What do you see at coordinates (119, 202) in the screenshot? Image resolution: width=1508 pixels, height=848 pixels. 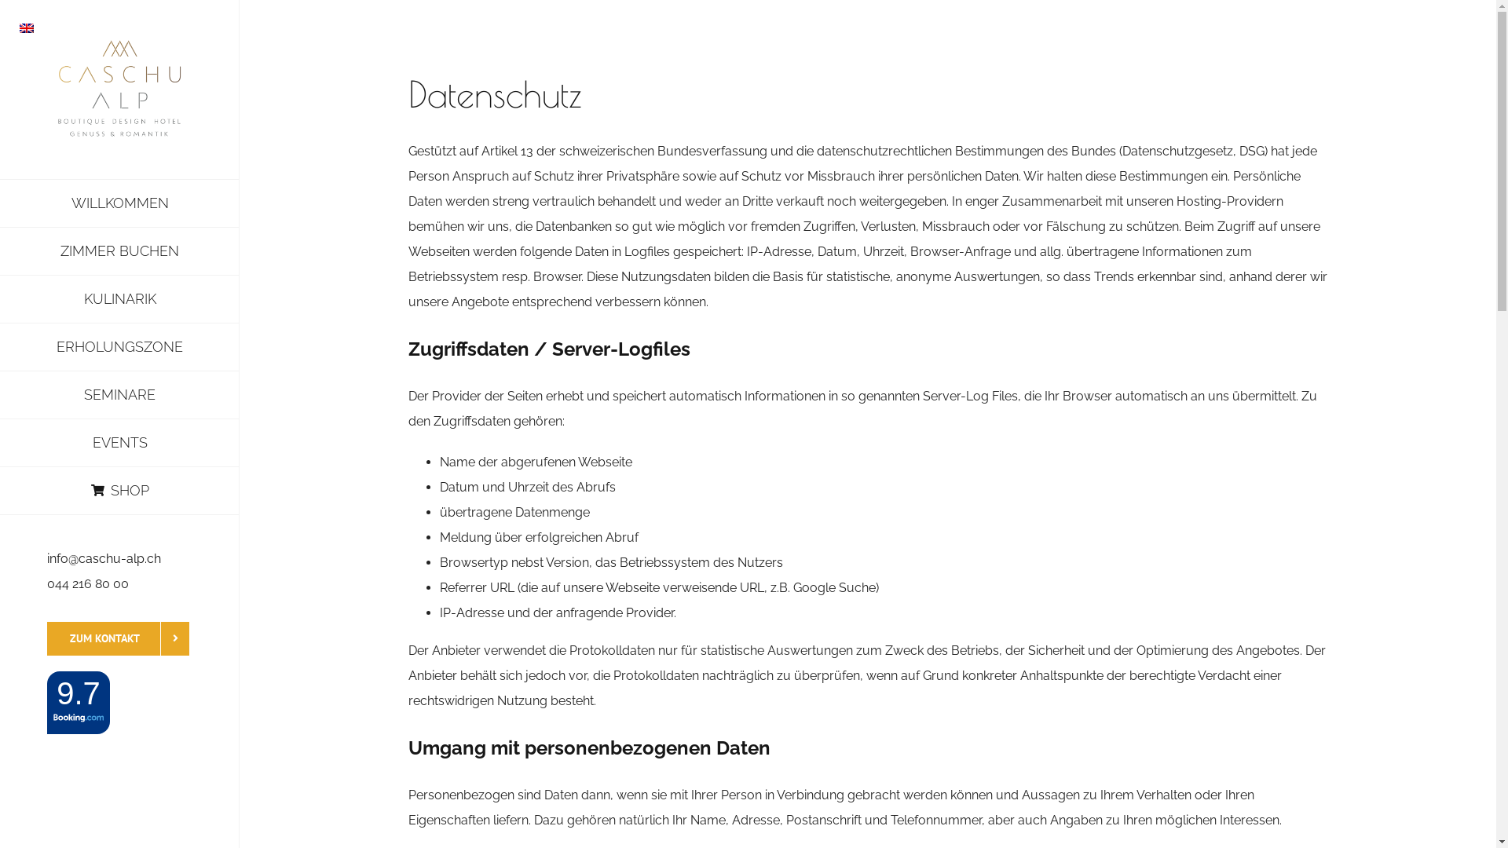 I see `'WILLKOMMEN'` at bounding box center [119, 202].